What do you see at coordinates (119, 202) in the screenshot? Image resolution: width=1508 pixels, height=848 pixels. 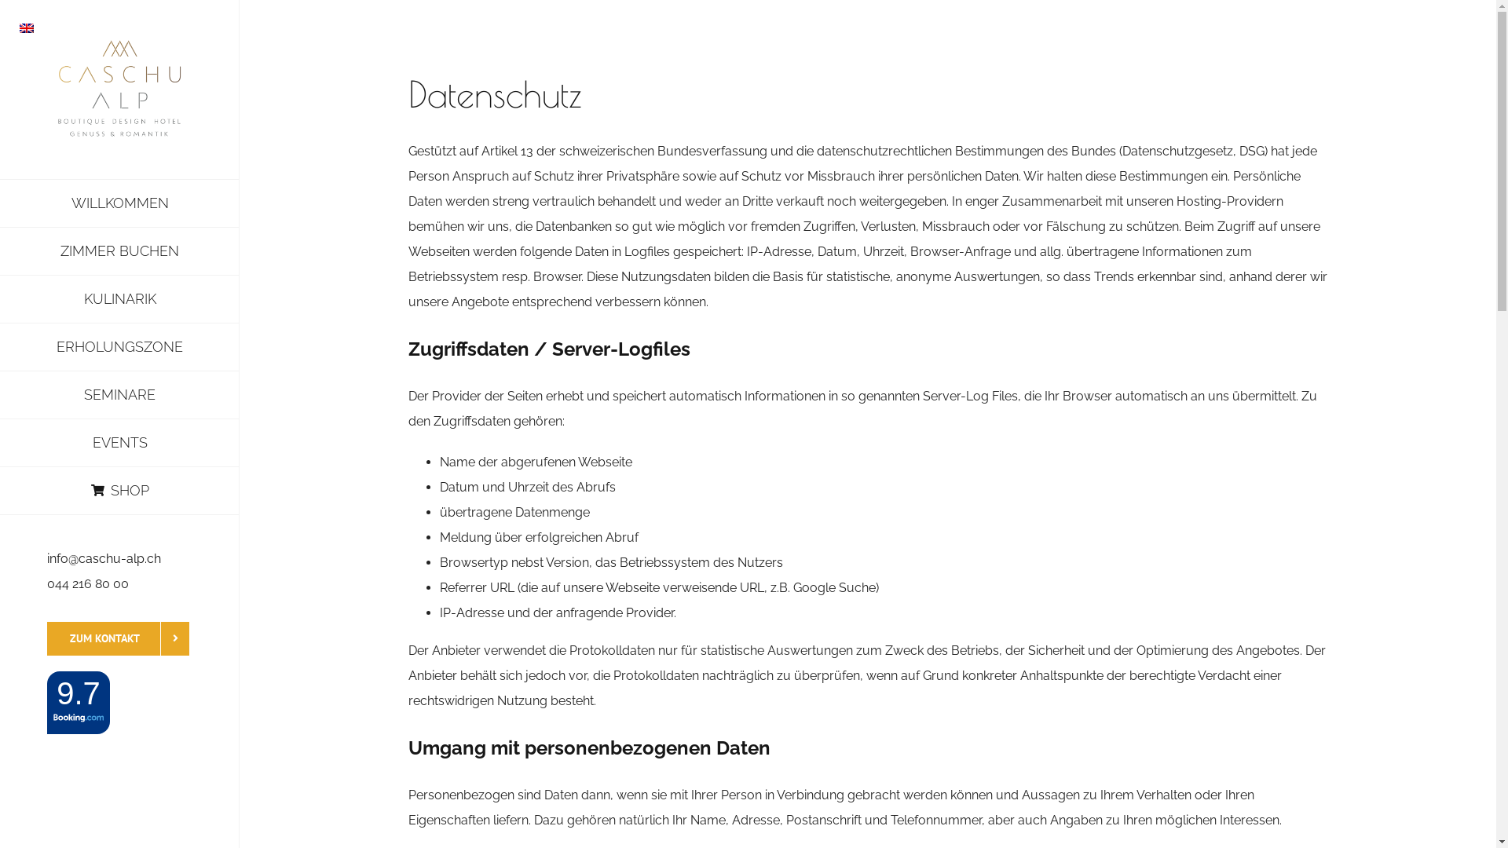 I see `'WILLKOMMEN'` at bounding box center [119, 202].